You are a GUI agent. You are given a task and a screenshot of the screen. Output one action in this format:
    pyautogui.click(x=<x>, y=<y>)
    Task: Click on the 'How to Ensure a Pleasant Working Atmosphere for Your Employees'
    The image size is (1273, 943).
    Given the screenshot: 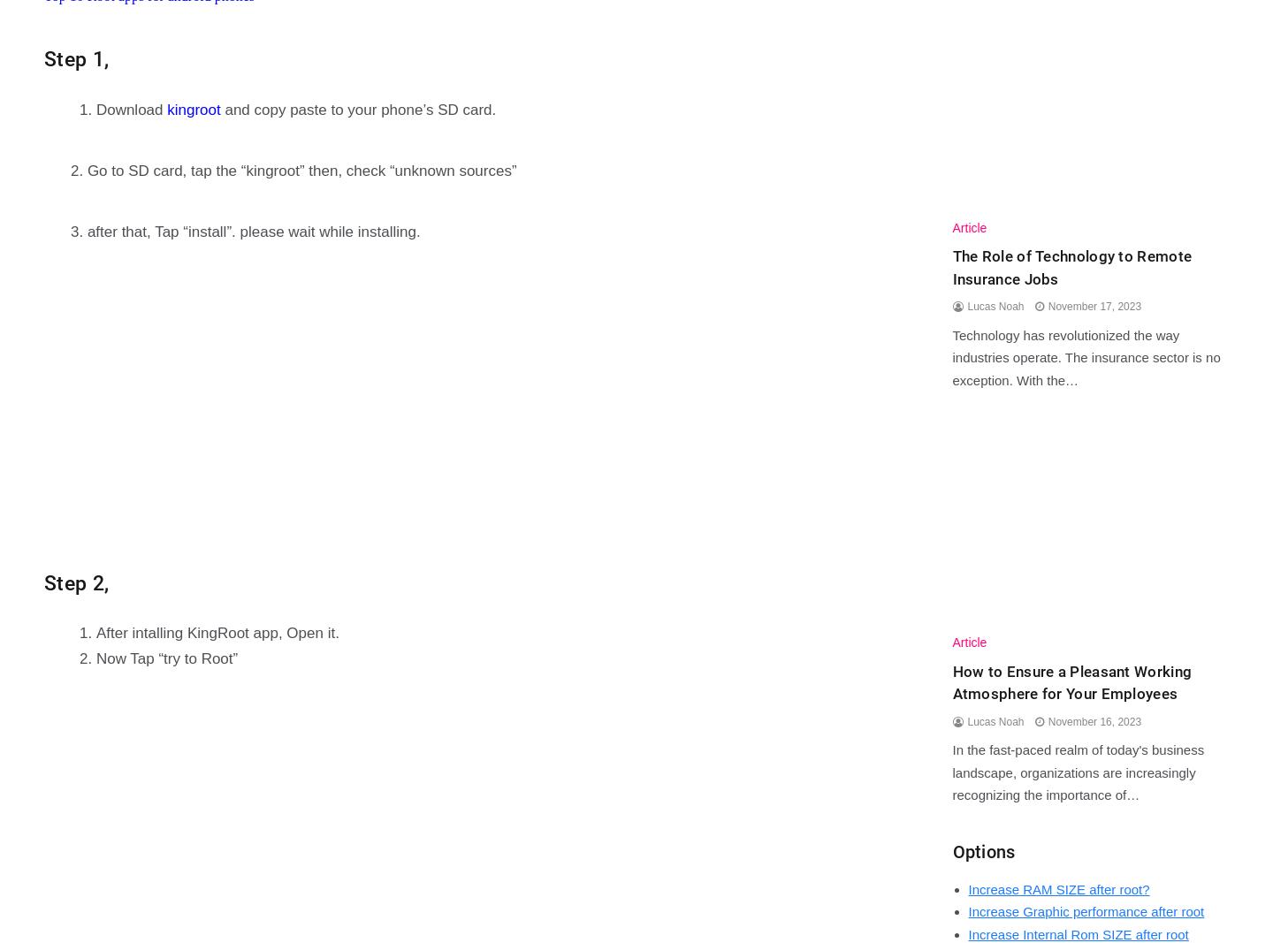 What is the action you would take?
    pyautogui.click(x=1071, y=681)
    